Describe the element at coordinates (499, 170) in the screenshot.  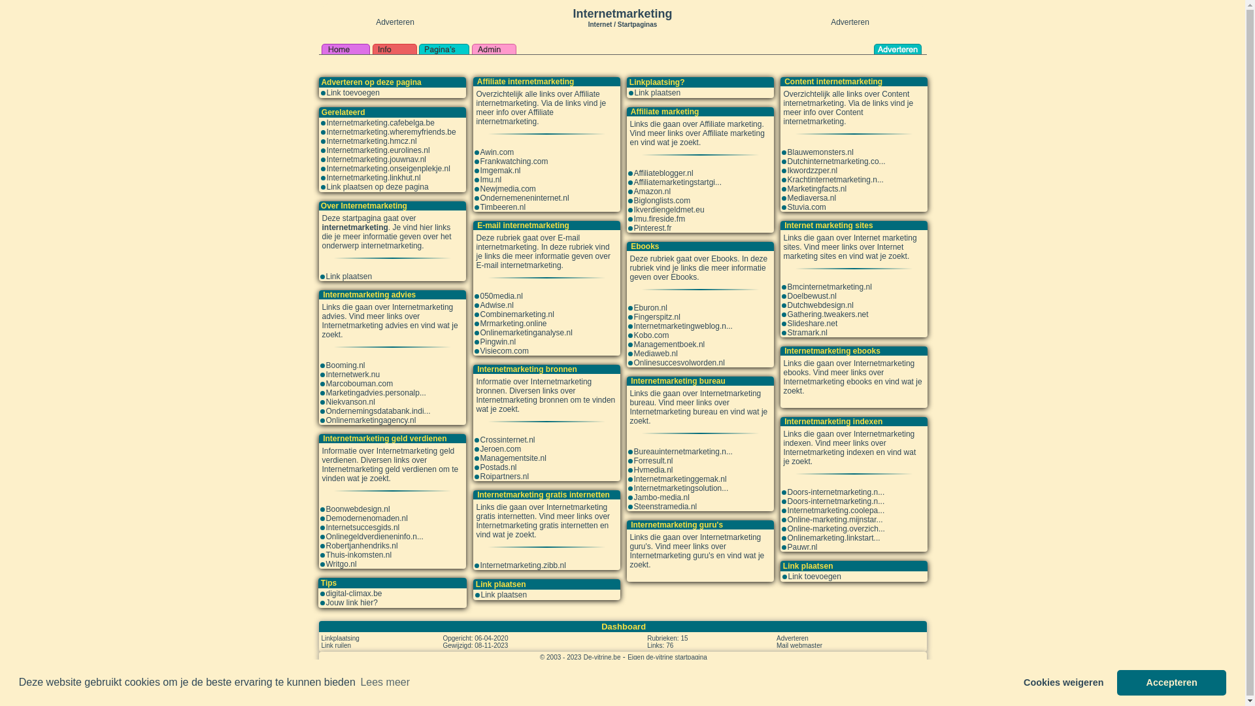
I see `'Imgemak.nl'` at that location.